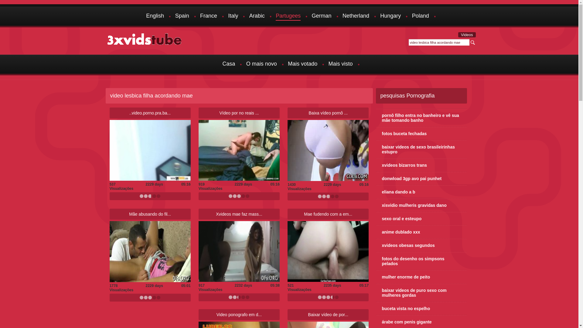  What do you see at coordinates (227, 16) in the screenshot?
I see `'Italy'` at bounding box center [227, 16].